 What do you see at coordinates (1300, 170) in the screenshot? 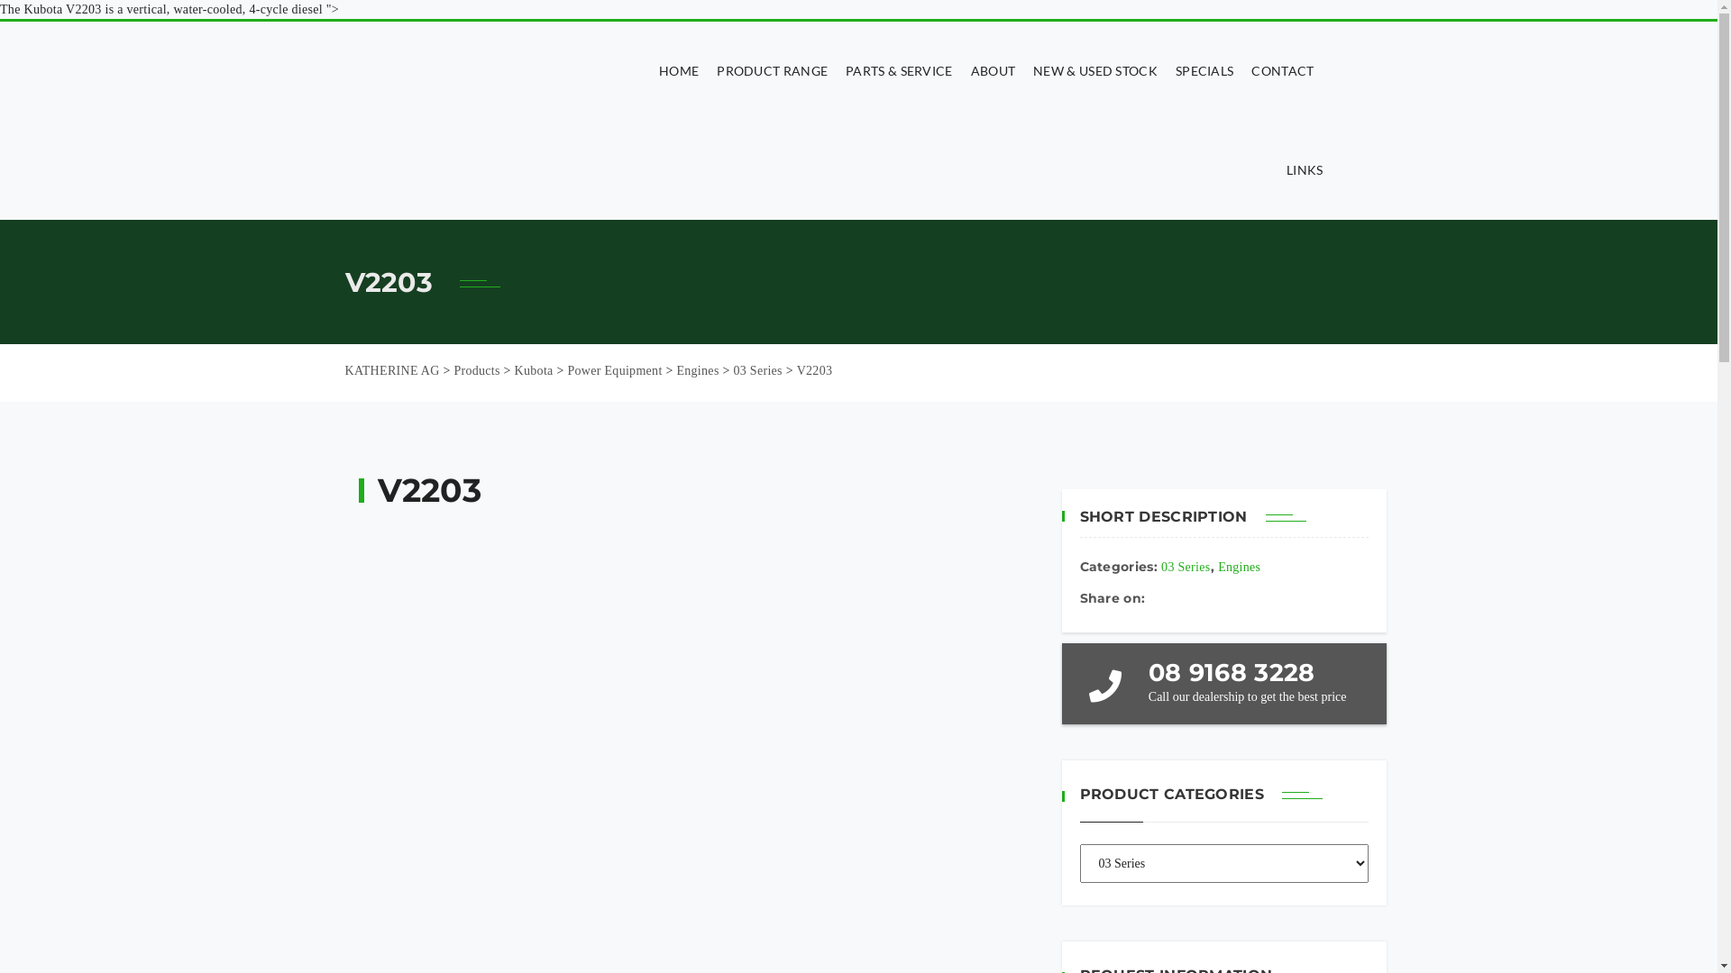
I see `'LINKS'` at bounding box center [1300, 170].